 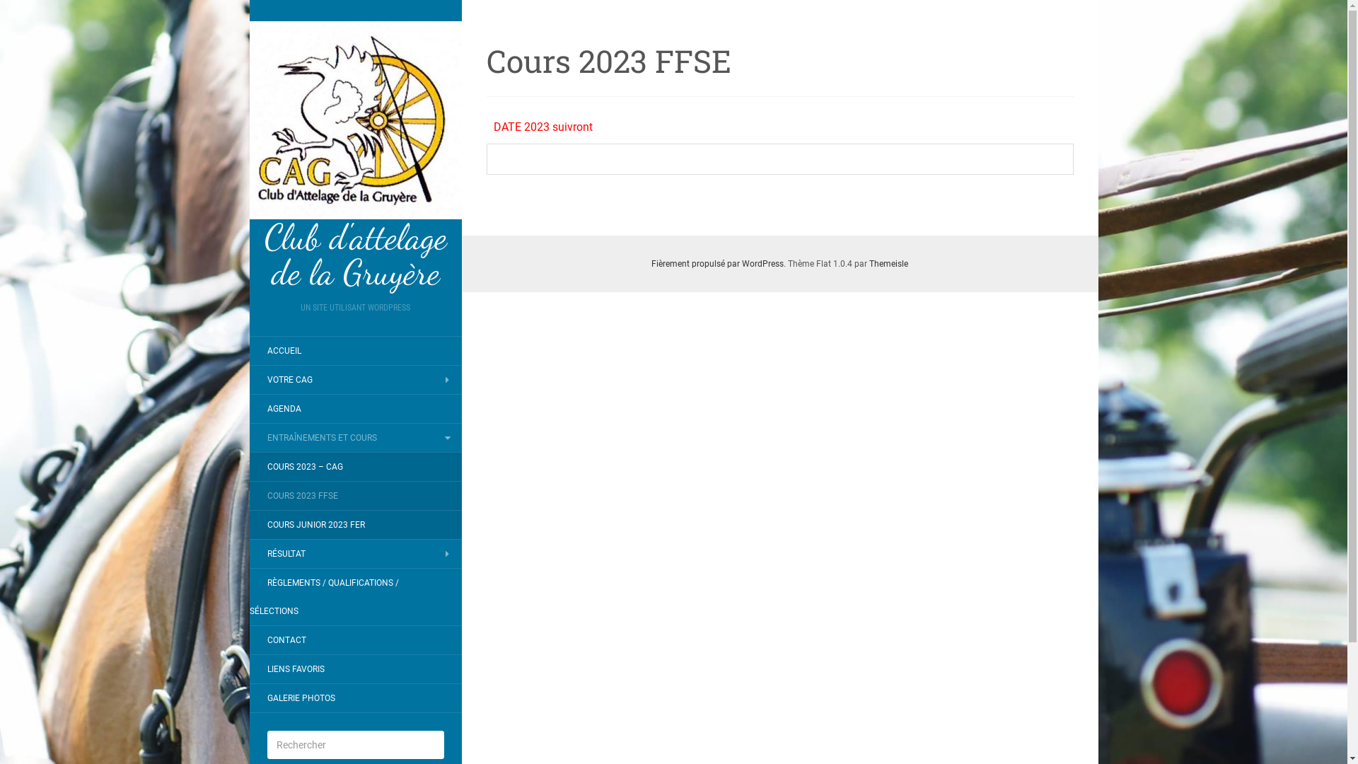 I want to click on 'GALERIE PHOTOS', so click(x=300, y=698).